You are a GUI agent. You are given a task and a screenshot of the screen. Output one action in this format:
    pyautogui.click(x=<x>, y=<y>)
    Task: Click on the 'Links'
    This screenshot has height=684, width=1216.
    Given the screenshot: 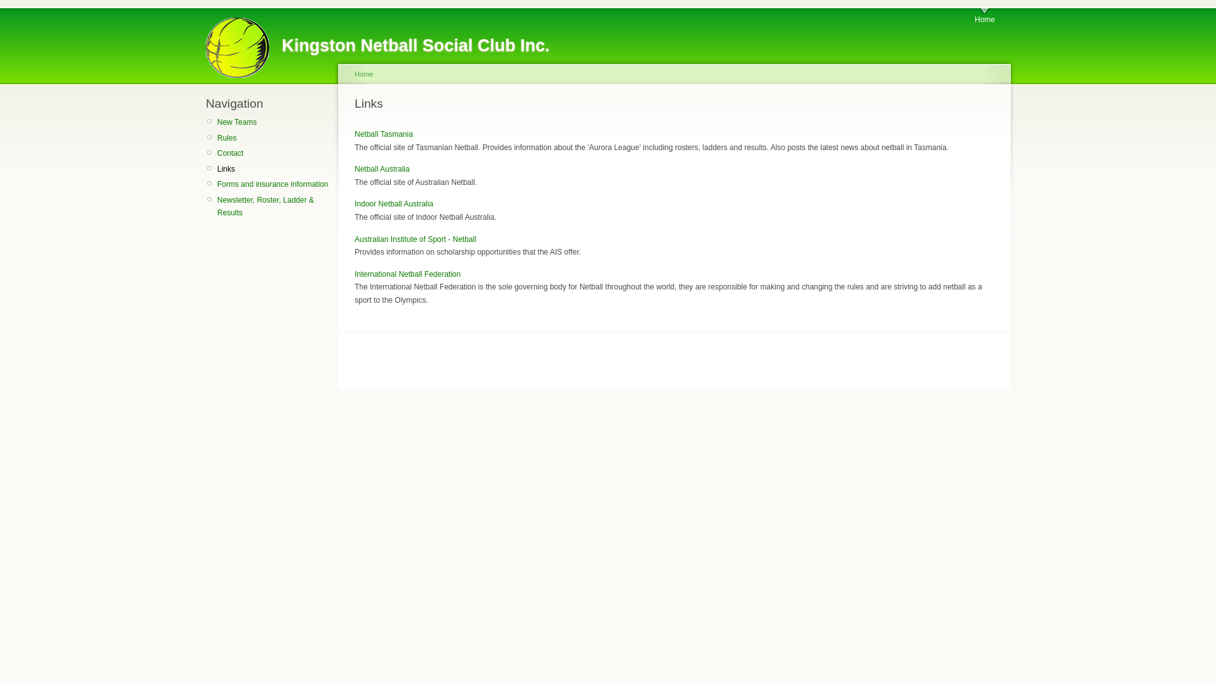 What is the action you would take?
    pyautogui.click(x=217, y=168)
    